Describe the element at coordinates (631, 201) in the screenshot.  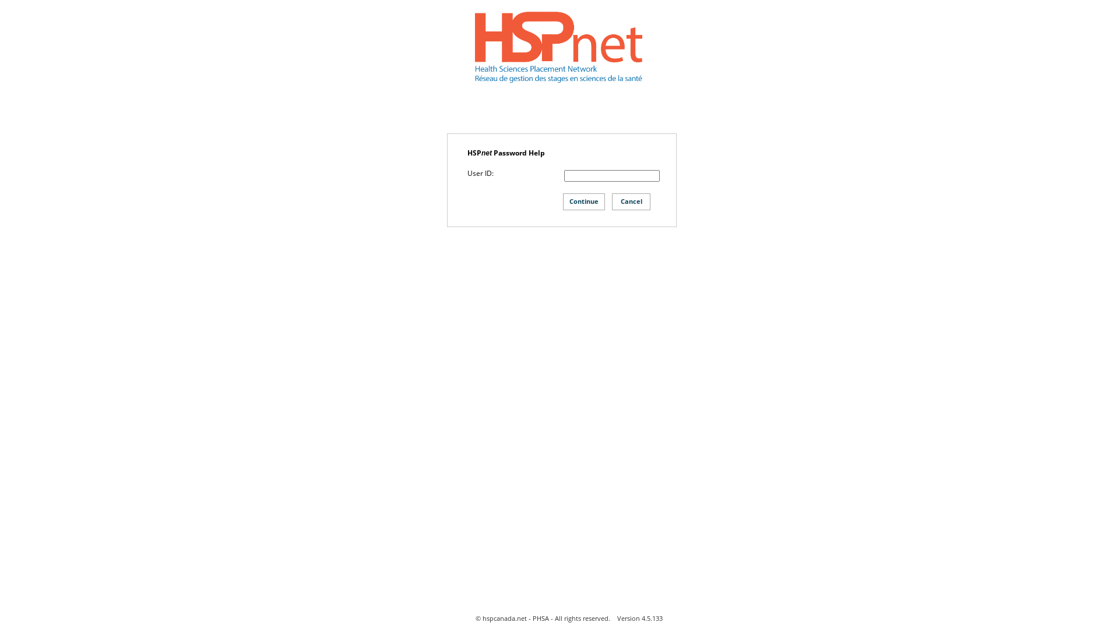
I see `'Cancel'` at that location.